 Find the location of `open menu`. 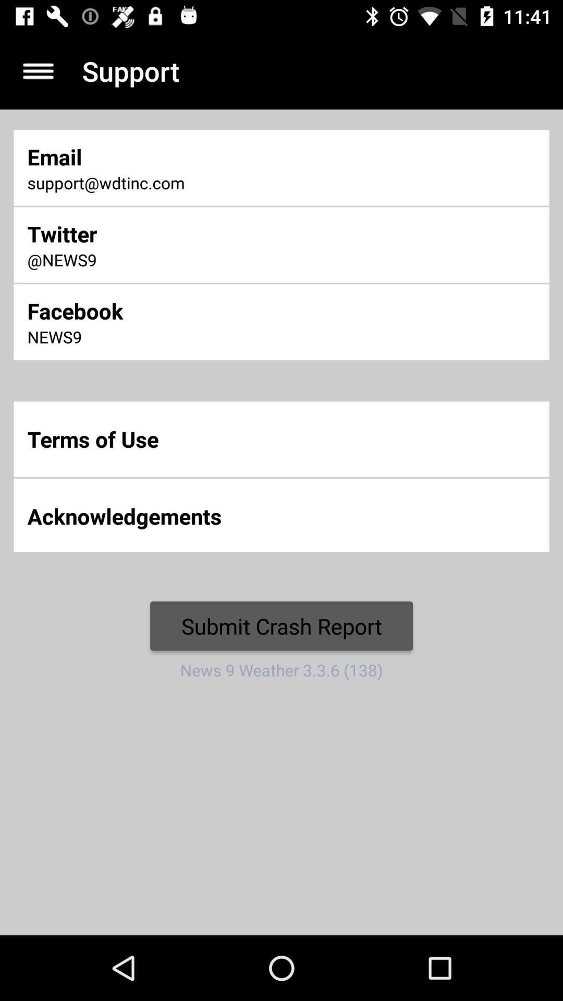

open menu is located at coordinates (38, 70).